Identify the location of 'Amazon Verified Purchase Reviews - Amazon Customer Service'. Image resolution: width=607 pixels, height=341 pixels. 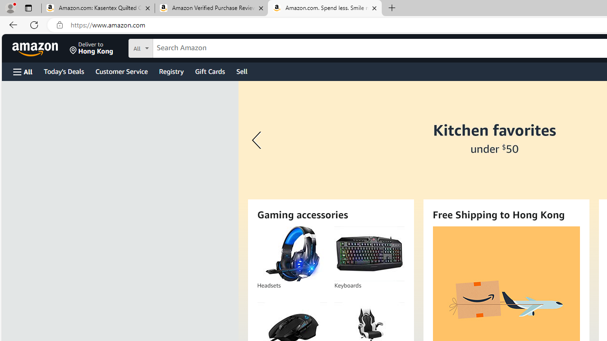
(211, 8).